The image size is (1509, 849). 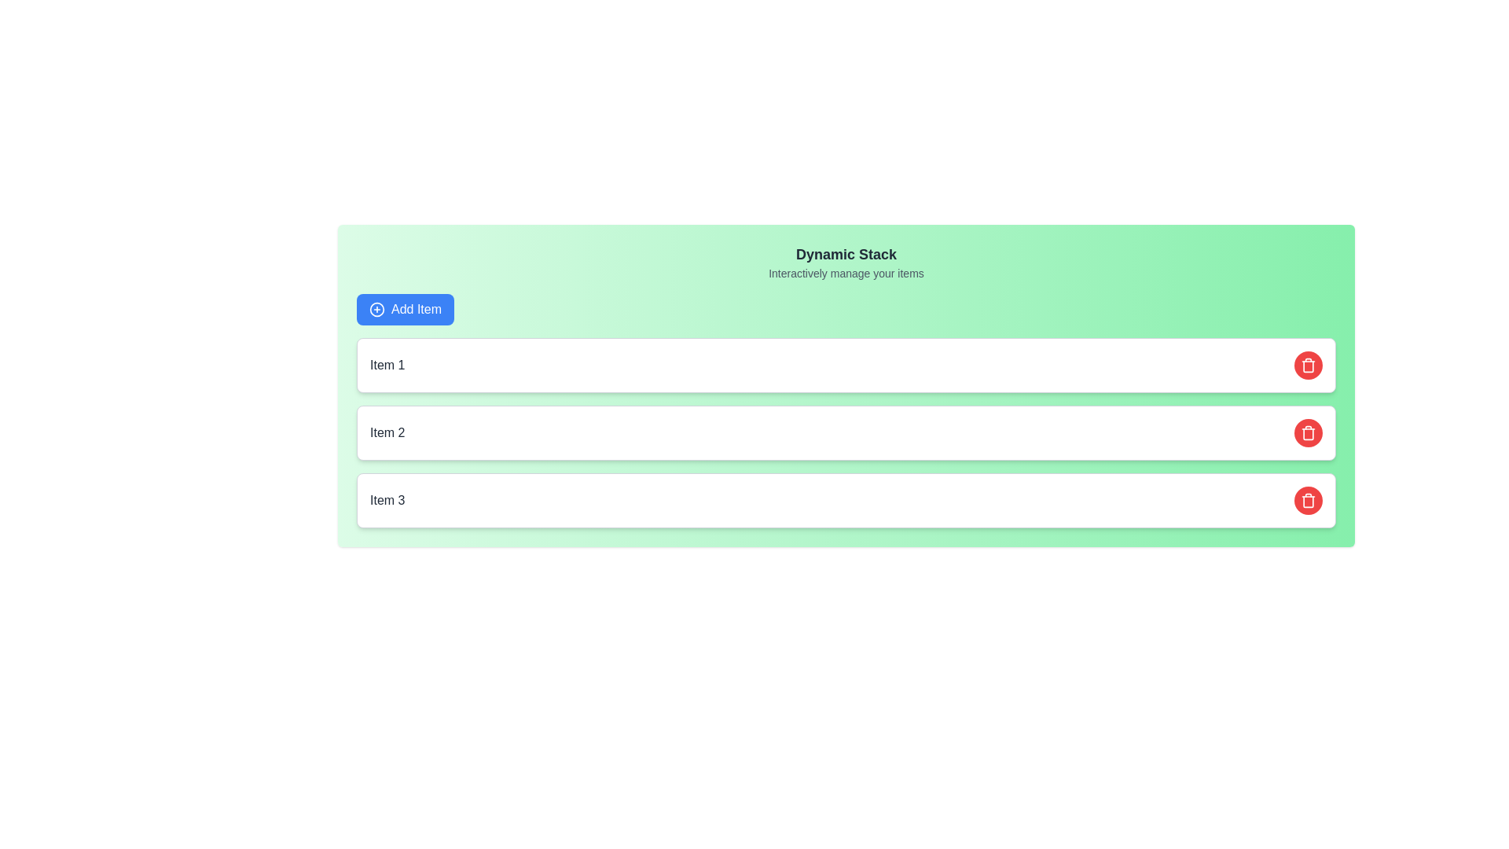 What do you see at coordinates (845, 500) in the screenshot?
I see `the List Item Card representing 'Item 3', which is the third card in a vertical stack, located below 'Item 2'` at bounding box center [845, 500].